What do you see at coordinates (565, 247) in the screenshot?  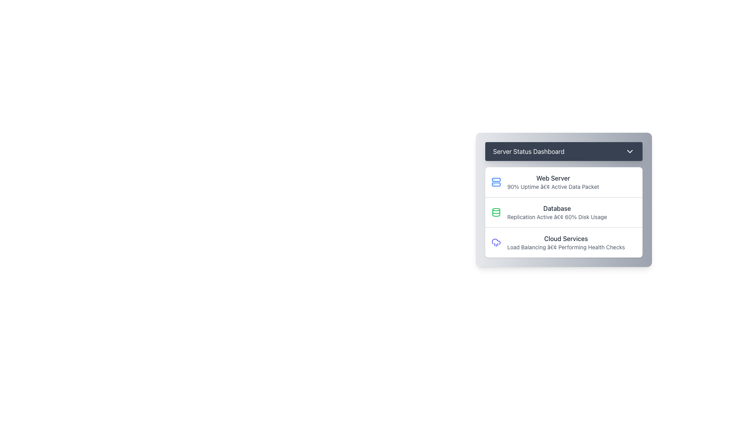 I see `the content of the gray text reading 'Load Balancing • Performing Health Checks', which is located below the 'Cloud Services' text in the server information card` at bounding box center [565, 247].